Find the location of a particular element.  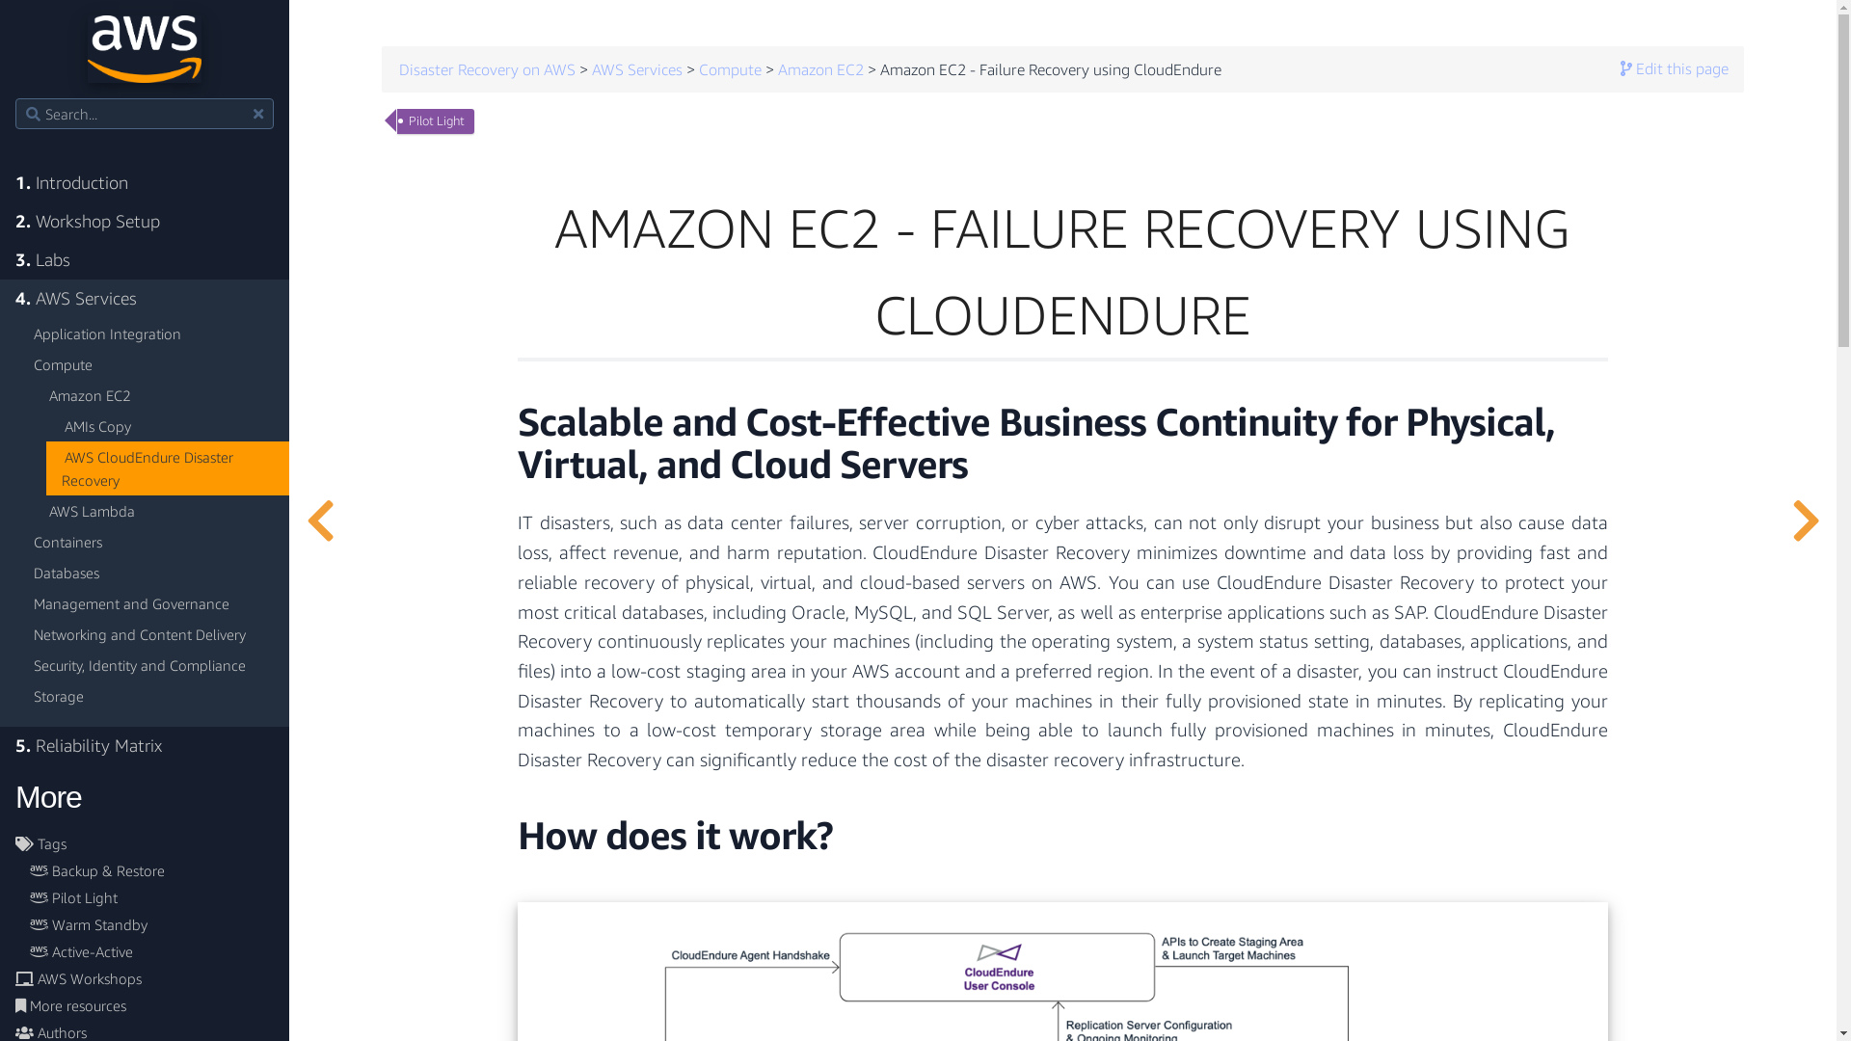

'Amazon EC2' is located at coordinates (820, 69).